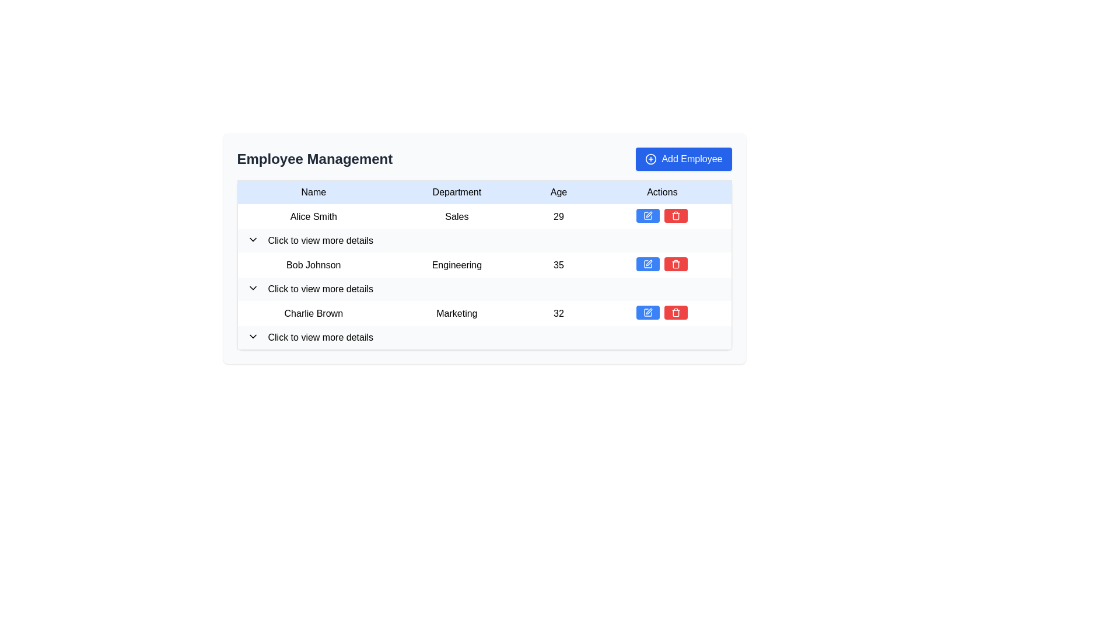 The width and height of the screenshot is (1120, 630). Describe the element at coordinates (456, 313) in the screenshot. I see `the text element 'Marketing' located in the 'Department' column under the 'Charlie Brown' row` at that location.